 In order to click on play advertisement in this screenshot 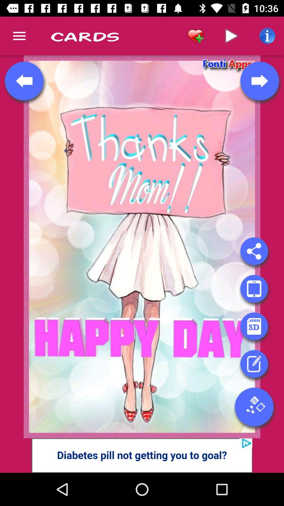, I will do `click(142, 455)`.